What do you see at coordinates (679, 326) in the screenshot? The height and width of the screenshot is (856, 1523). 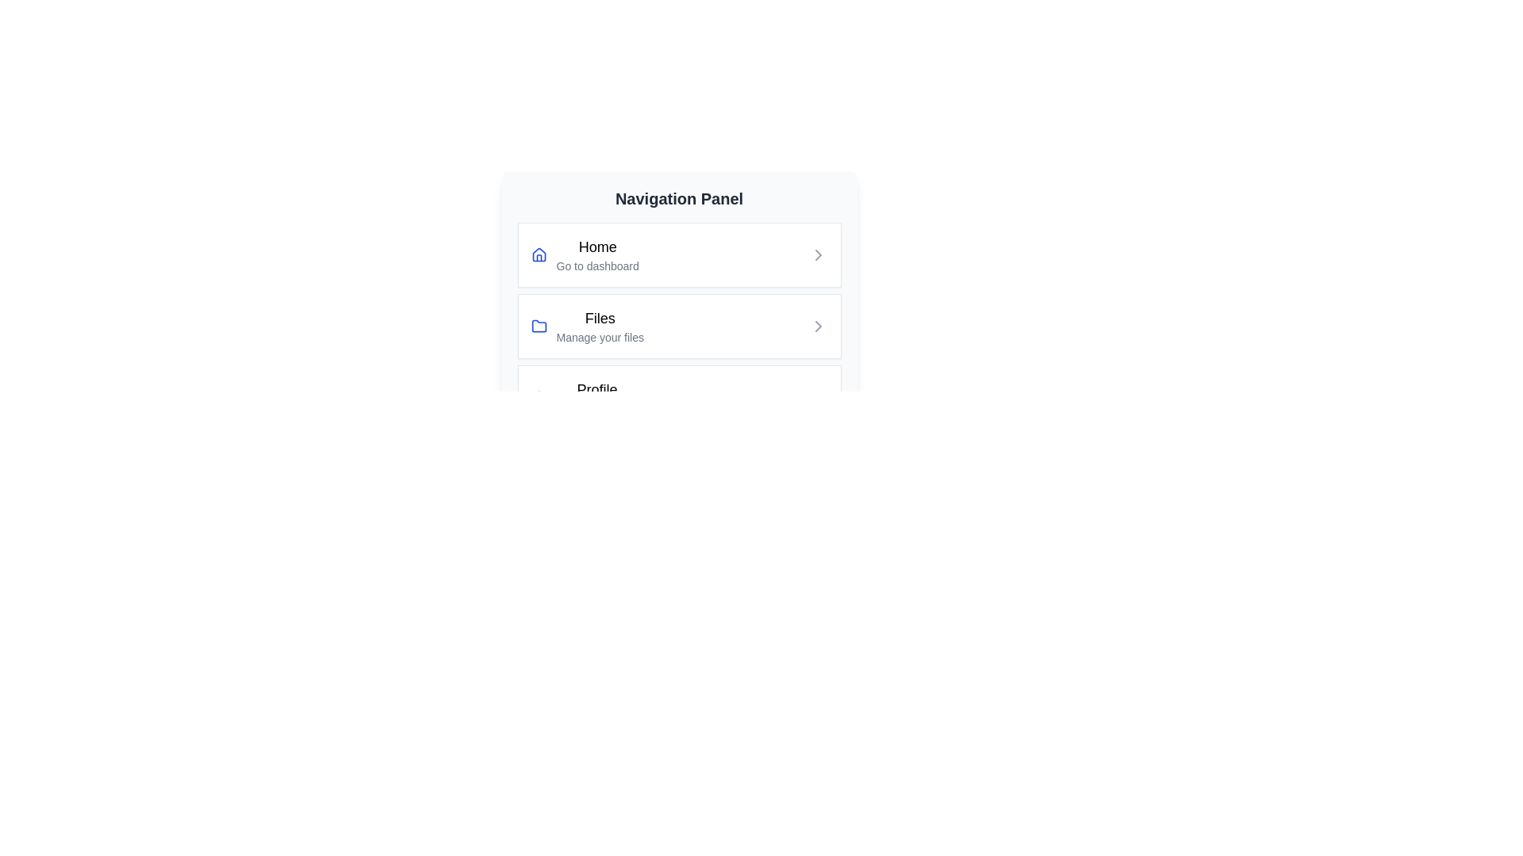 I see `the second navigation button that allows access to file management functionalities, located below the 'Home' entry and above the 'Profile' option` at bounding box center [679, 326].